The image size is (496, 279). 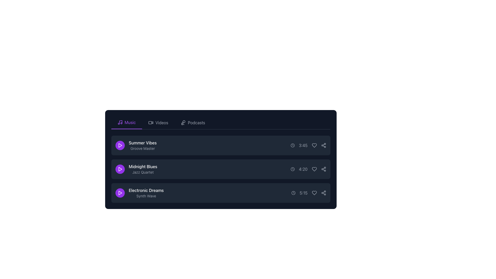 What do you see at coordinates (309, 193) in the screenshot?
I see `the text label displaying the duration of the track 'Electronic Dreams', which is located in the right portion of the horizontal layout segment and is the third entry in the playlist` at bounding box center [309, 193].